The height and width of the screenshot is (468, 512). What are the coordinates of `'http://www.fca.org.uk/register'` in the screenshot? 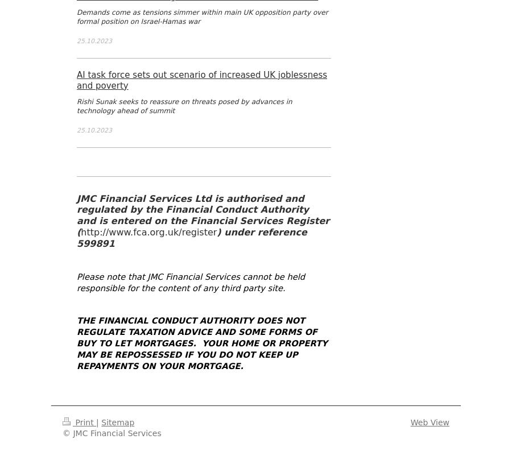 It's located at (148, 231).